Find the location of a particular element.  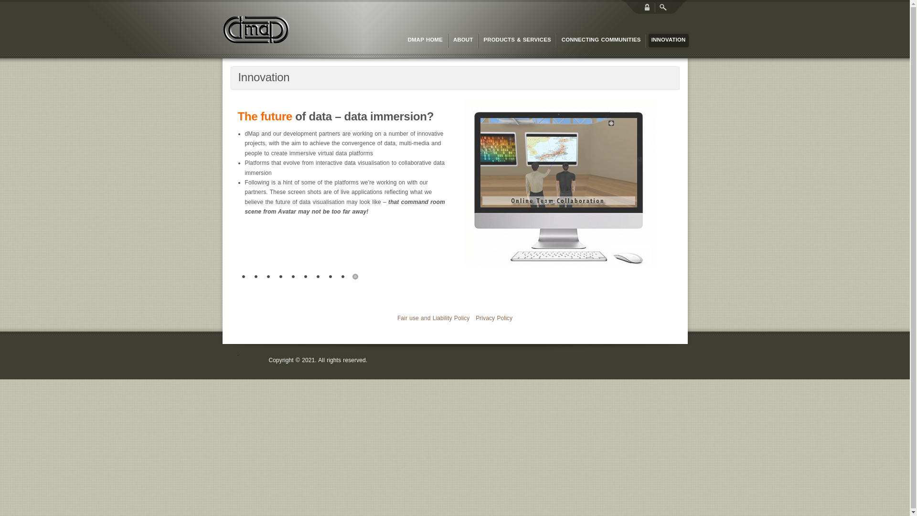

'#' is located at coordinates (238, 277).